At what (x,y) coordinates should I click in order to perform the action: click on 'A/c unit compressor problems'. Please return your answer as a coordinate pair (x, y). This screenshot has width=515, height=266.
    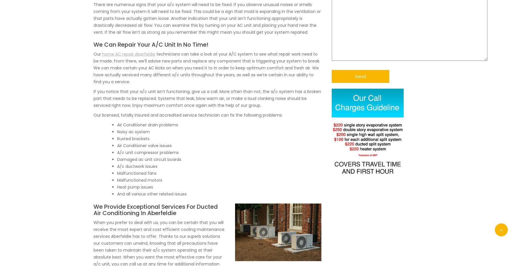
    Looking at the image, I should click on (117, 152).